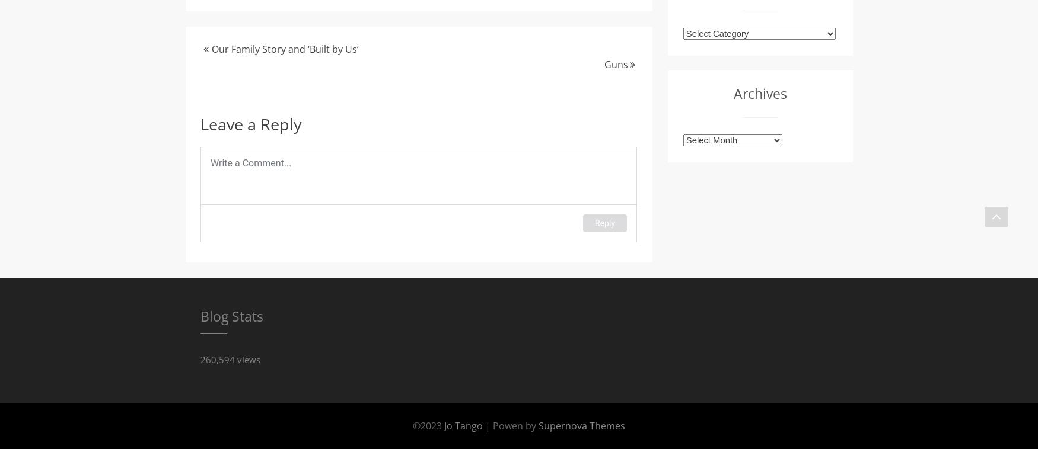 The image size is (1038, 449). Describe the element at coordinates (231, 315) in the screenshot. I see `'Blog Stats'` at that location.